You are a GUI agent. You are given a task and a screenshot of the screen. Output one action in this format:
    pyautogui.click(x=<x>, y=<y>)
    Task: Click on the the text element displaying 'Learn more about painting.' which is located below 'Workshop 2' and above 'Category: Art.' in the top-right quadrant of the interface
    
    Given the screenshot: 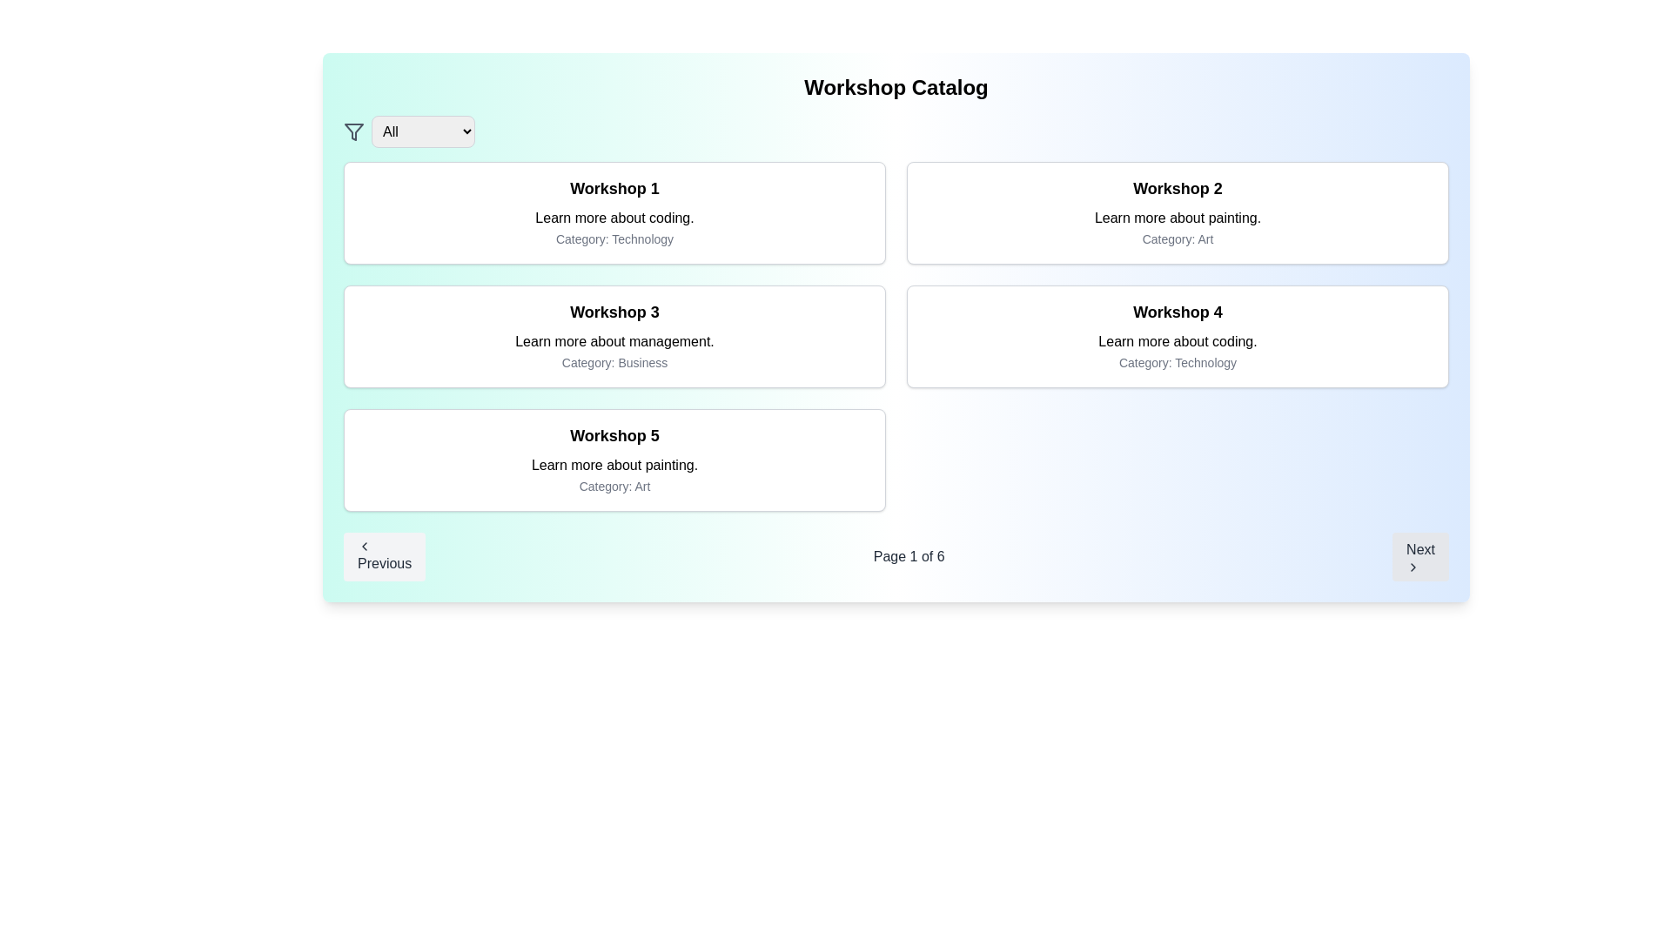 What is the action you would take?
    pyautogui.click(x=1178, y=217)
    